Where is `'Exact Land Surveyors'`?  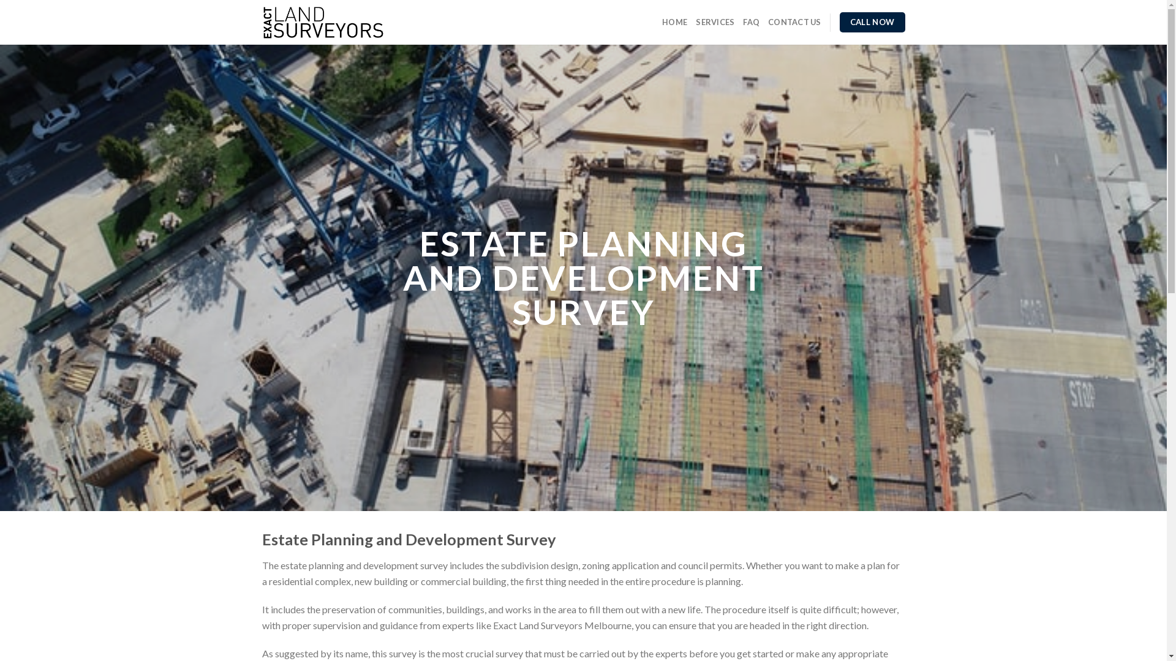 'Exact Land Surveyors' is located at coordinates (261, 23).